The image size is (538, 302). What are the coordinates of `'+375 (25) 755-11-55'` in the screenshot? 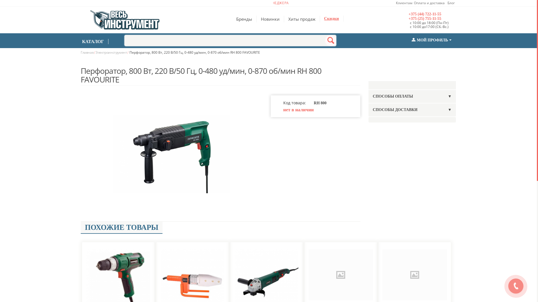 It's located at (432, 18).